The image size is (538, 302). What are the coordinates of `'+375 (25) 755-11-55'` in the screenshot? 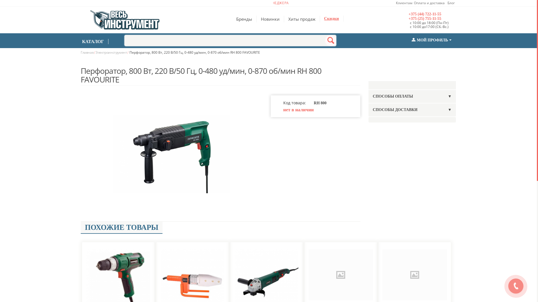 It's located at (432, 18).